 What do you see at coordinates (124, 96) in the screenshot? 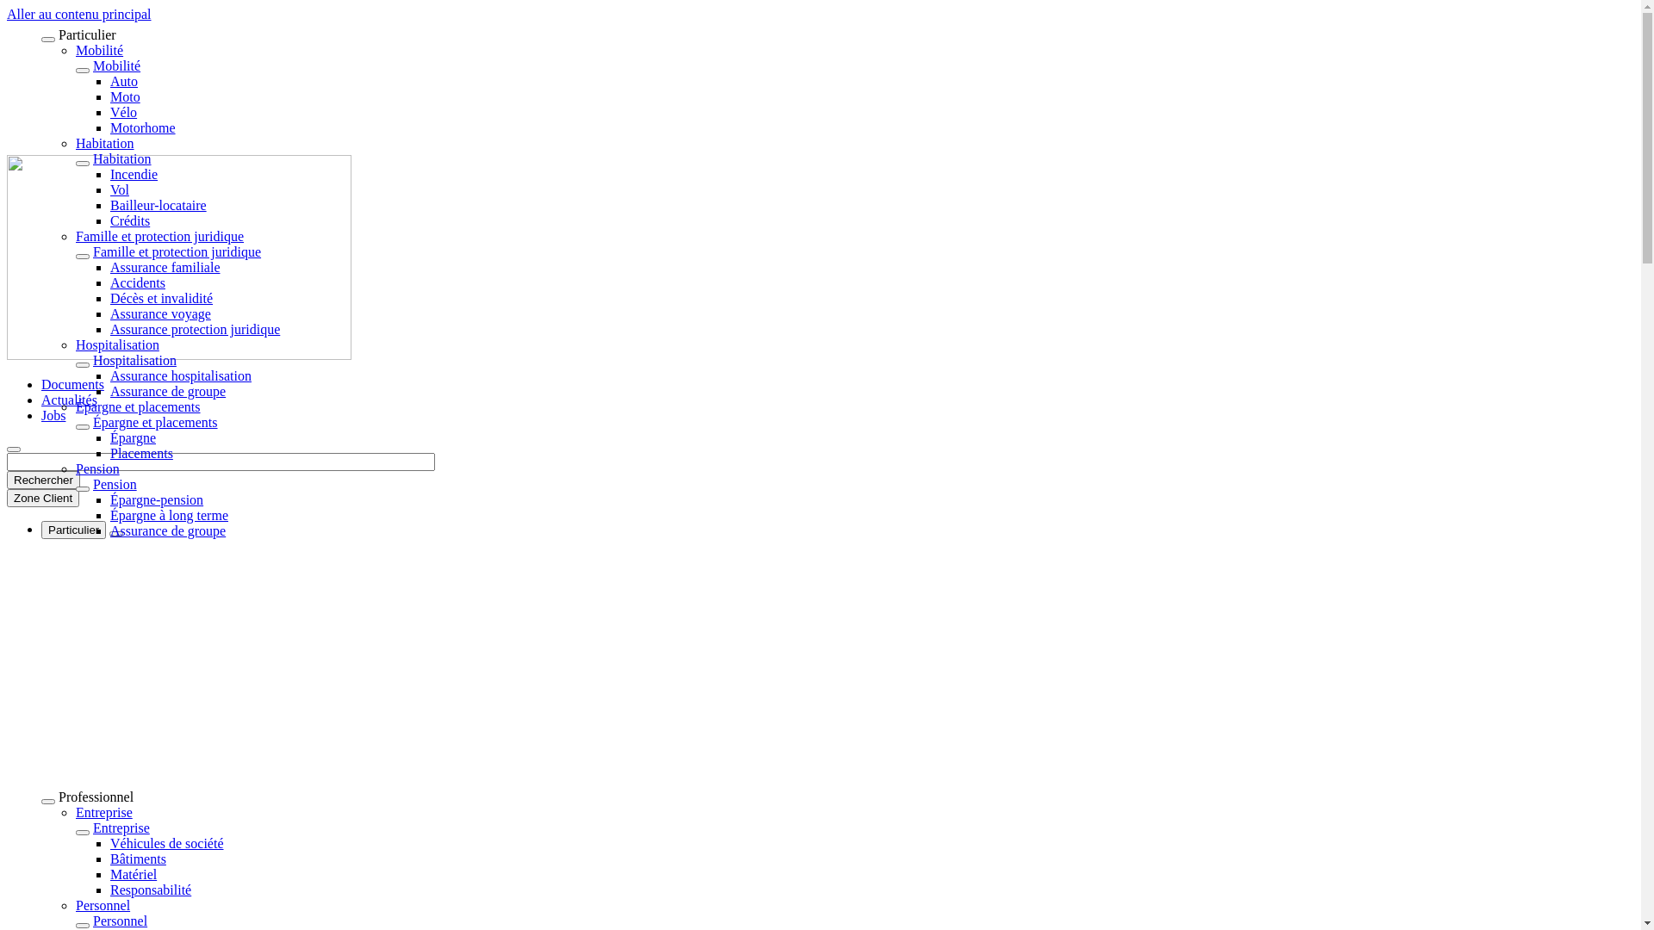
I see `'Moto'` at bounding box center [124, 96].